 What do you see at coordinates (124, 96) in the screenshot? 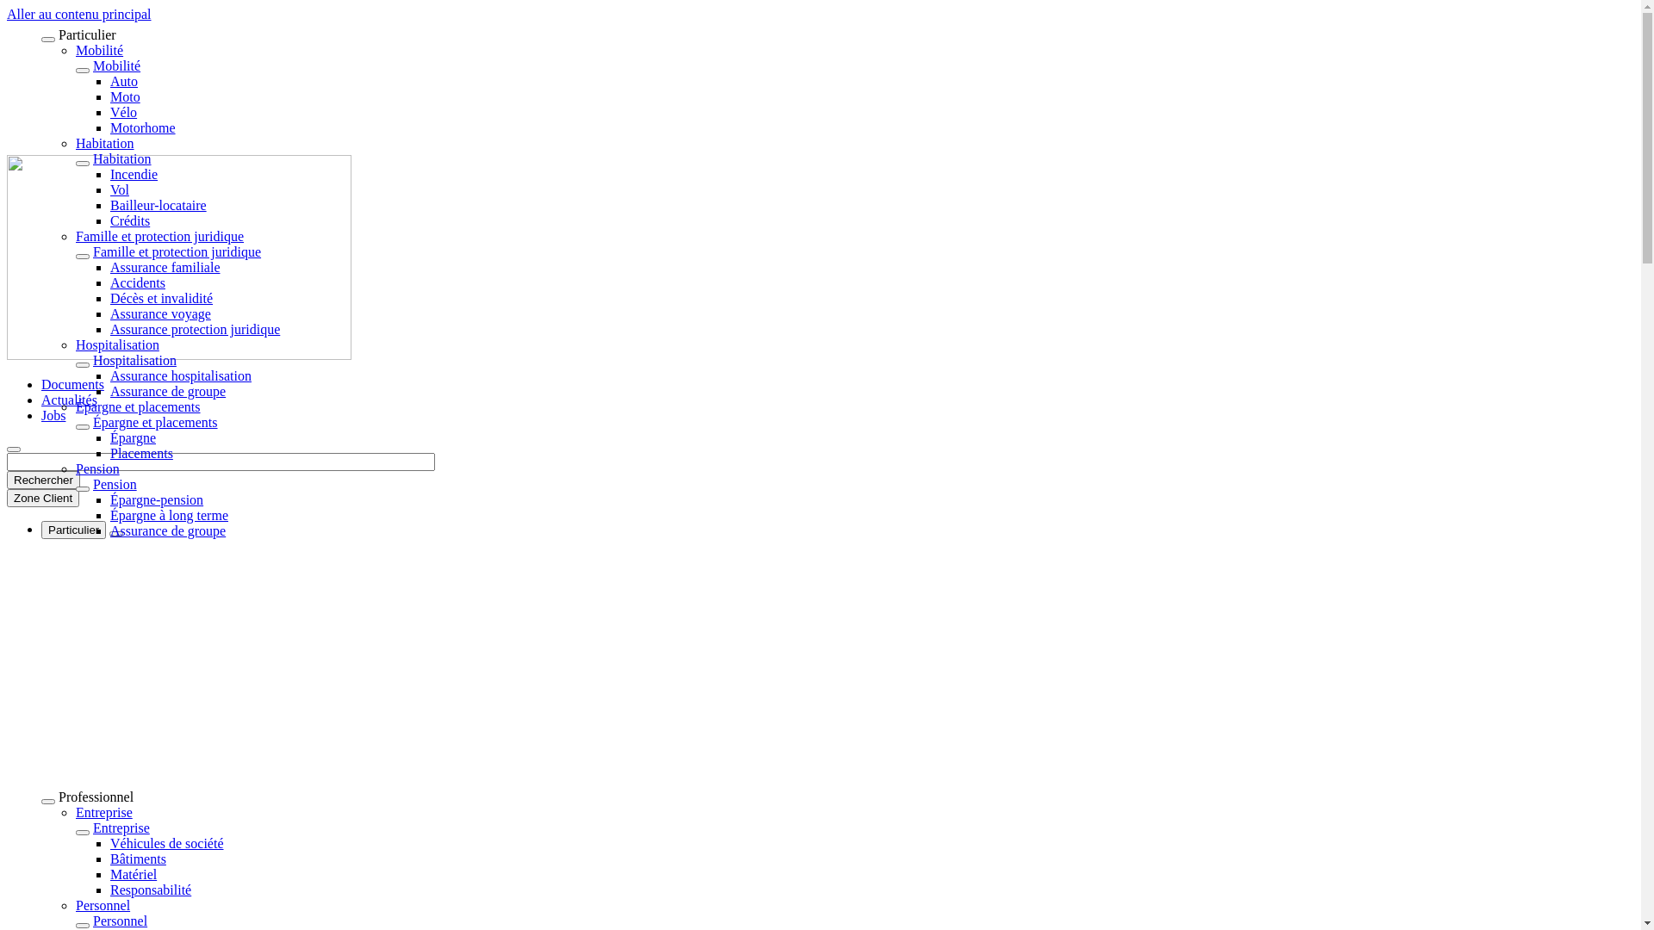
I see `'Moto'` at bounding box center [124, 96].